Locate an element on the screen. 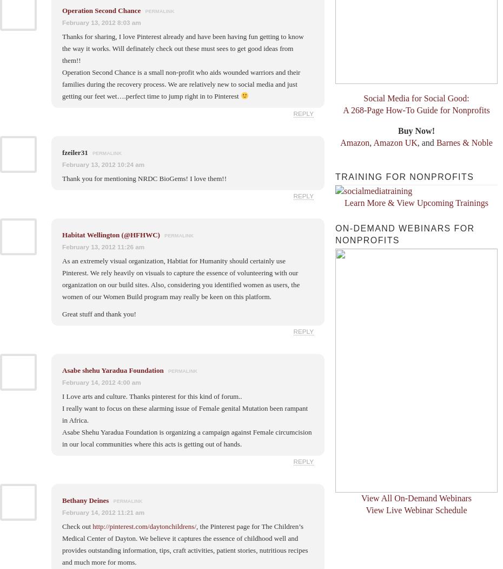 Image resolution: width=503 pixels, height=569 pixels. 'I Love arts and culture. Thanks pinterest for this kind of forum..' is located at coordinates (152, 395).